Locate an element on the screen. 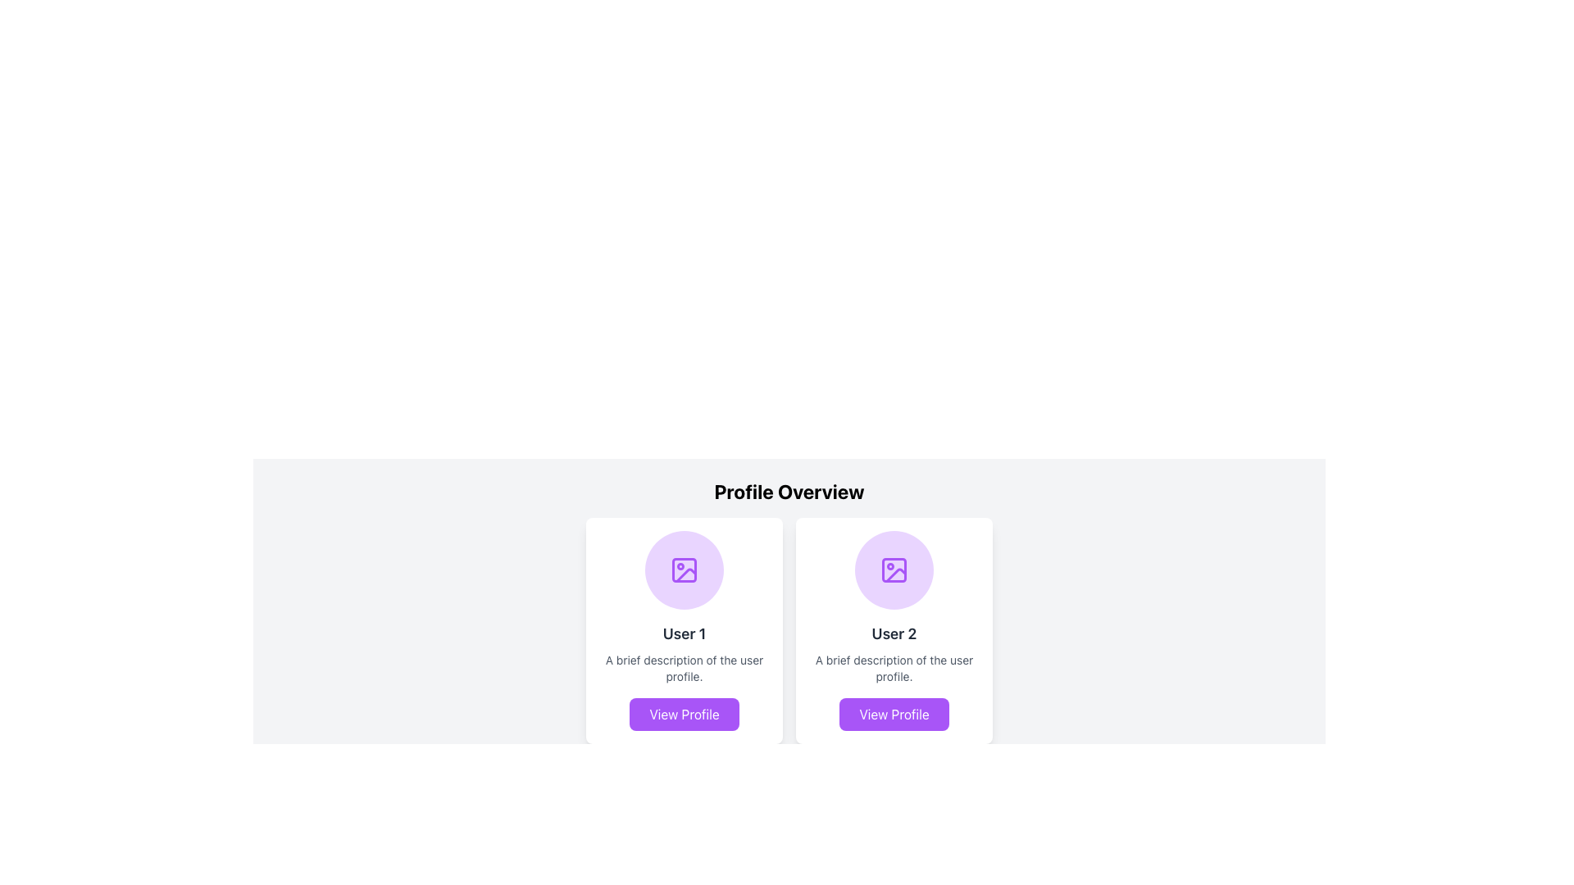  bold heading text 'Profile Overview' located at the top center of the profile cards section is located at coordinates (789, 491).